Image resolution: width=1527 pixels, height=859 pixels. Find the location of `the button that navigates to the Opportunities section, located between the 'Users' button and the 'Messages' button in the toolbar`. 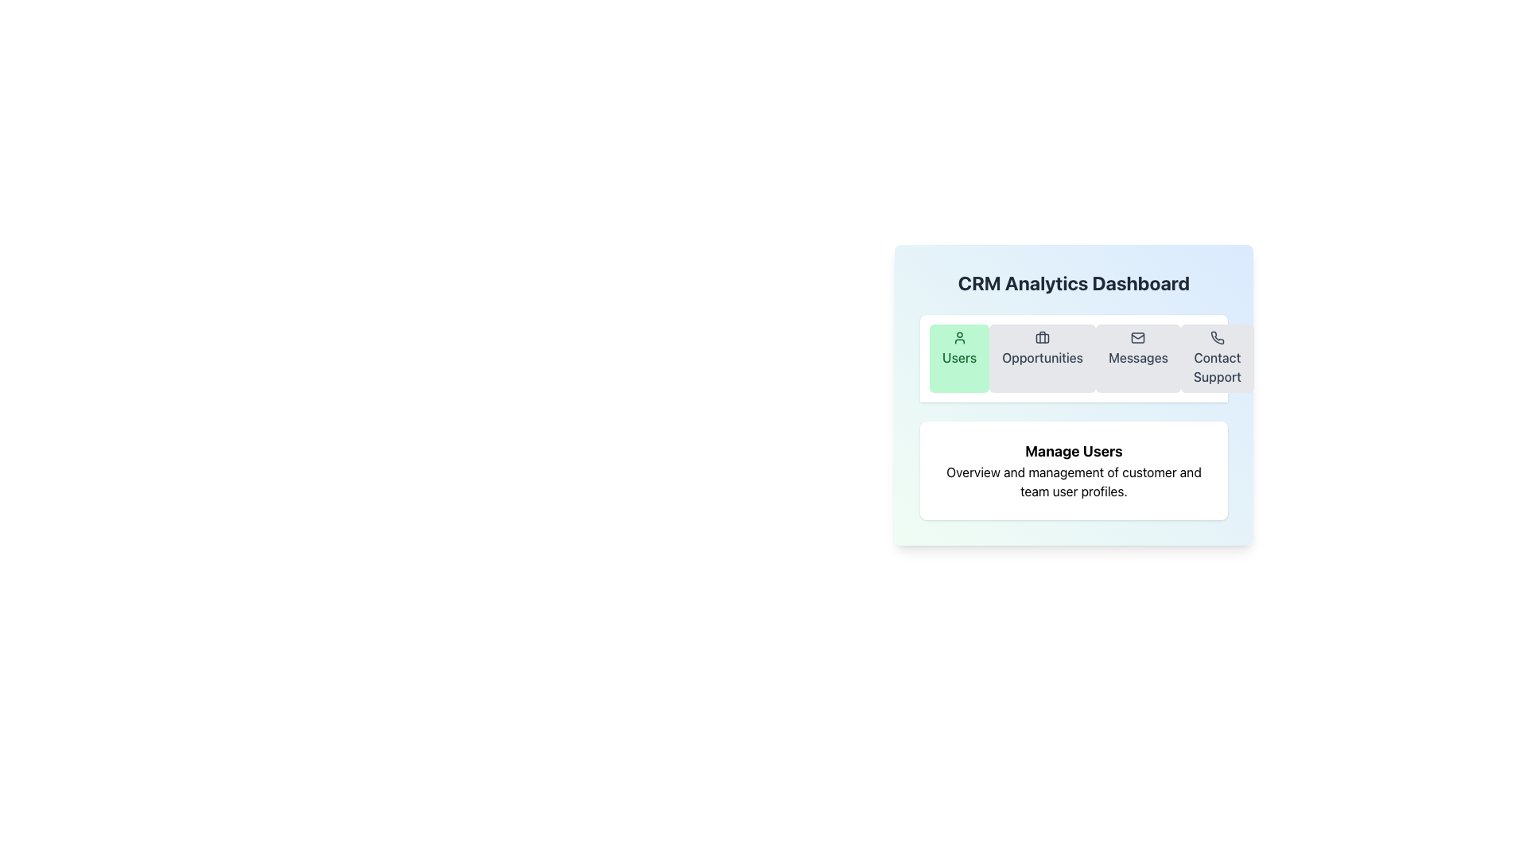

the button that navigates to the Opportunities section, located between the 'Users' button and the 'Messages' button in the toolbar is located at coordinates (1042, 359).